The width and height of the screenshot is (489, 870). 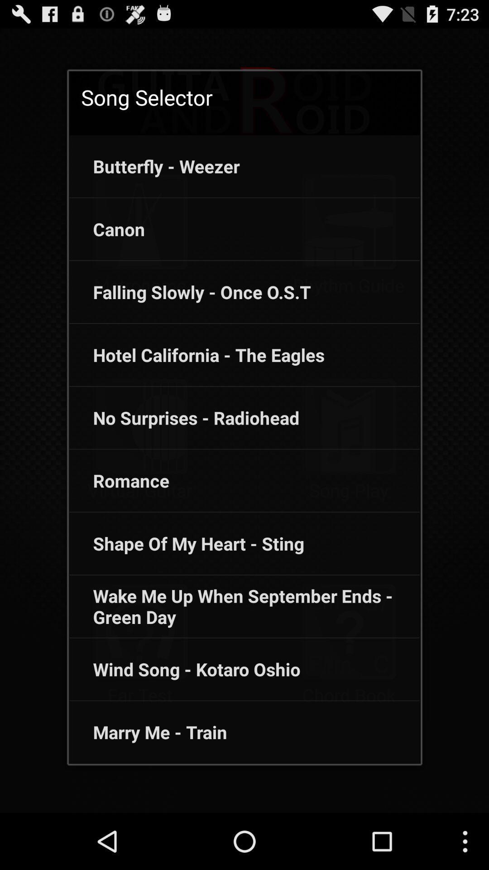 I want to click on the no surprises - radiohead app, so click(x=184, y=417).